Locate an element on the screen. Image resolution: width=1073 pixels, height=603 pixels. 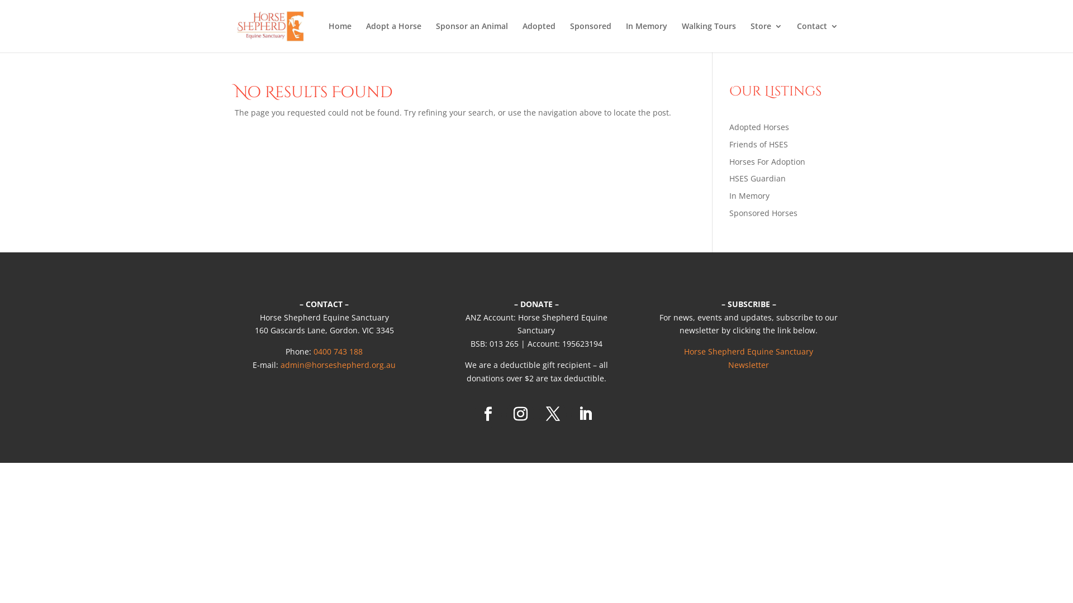
'HSES Guardian' is located at coordinates (757, 178).